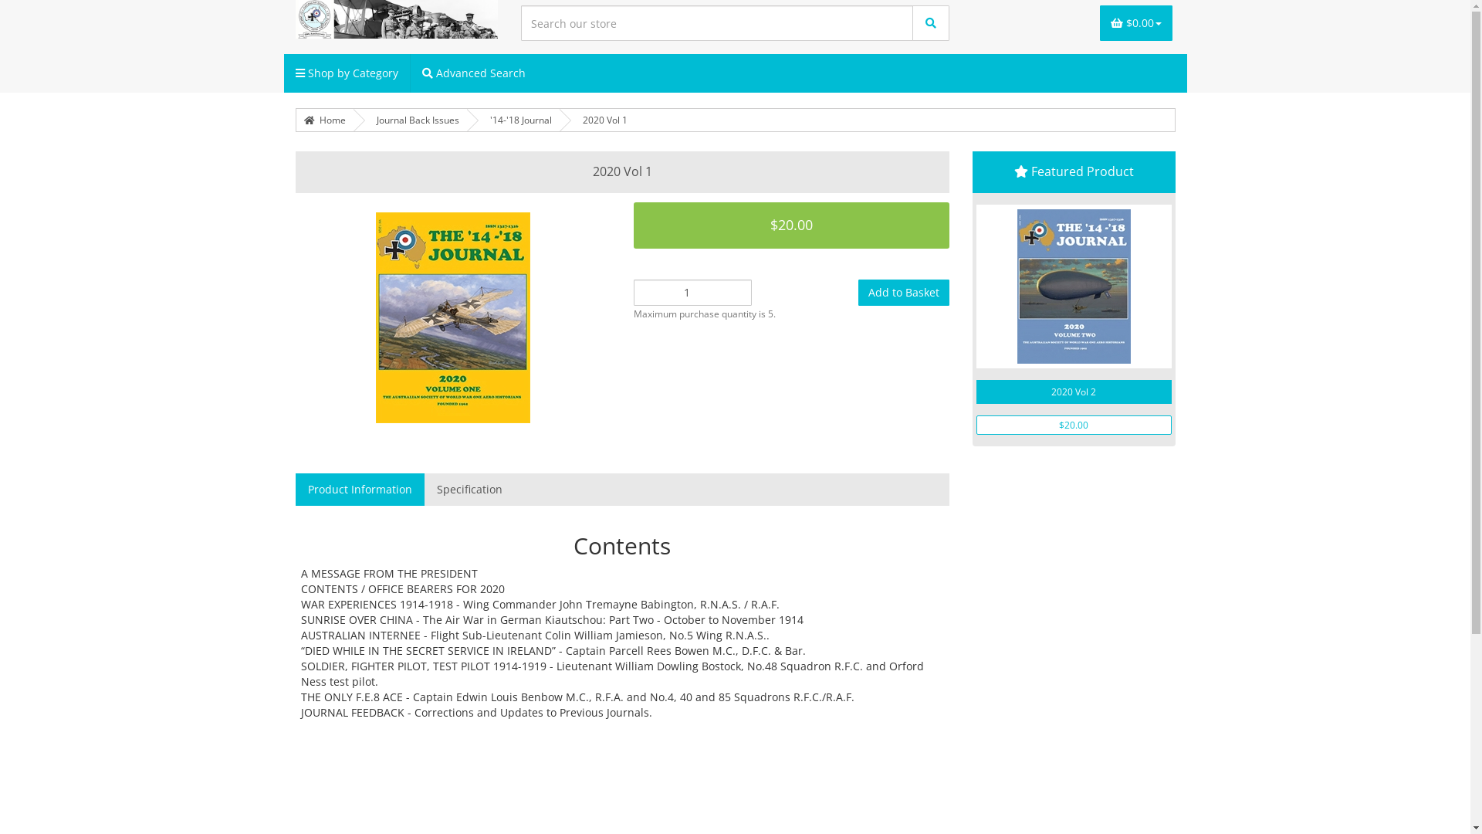  Describe the element at coordinates (295, 489) in the screenshot. I see `'Product Information'` at that location.